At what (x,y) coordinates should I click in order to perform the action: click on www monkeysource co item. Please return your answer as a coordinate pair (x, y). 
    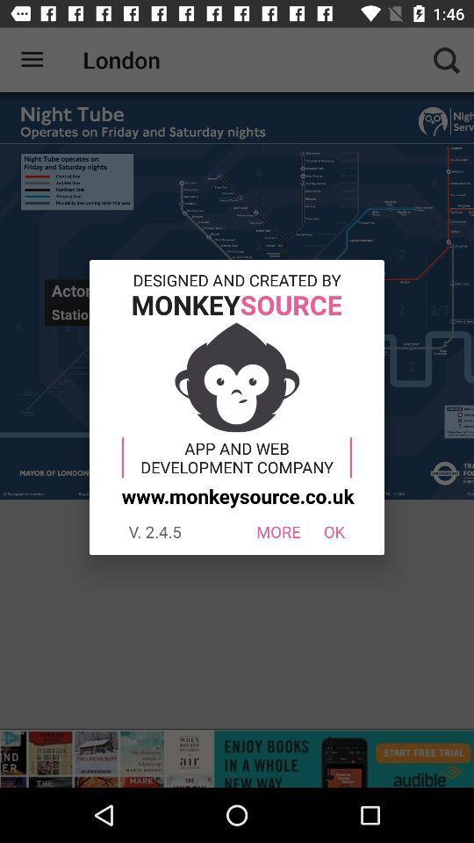
    Looking at the image, I should click on (235, 495).